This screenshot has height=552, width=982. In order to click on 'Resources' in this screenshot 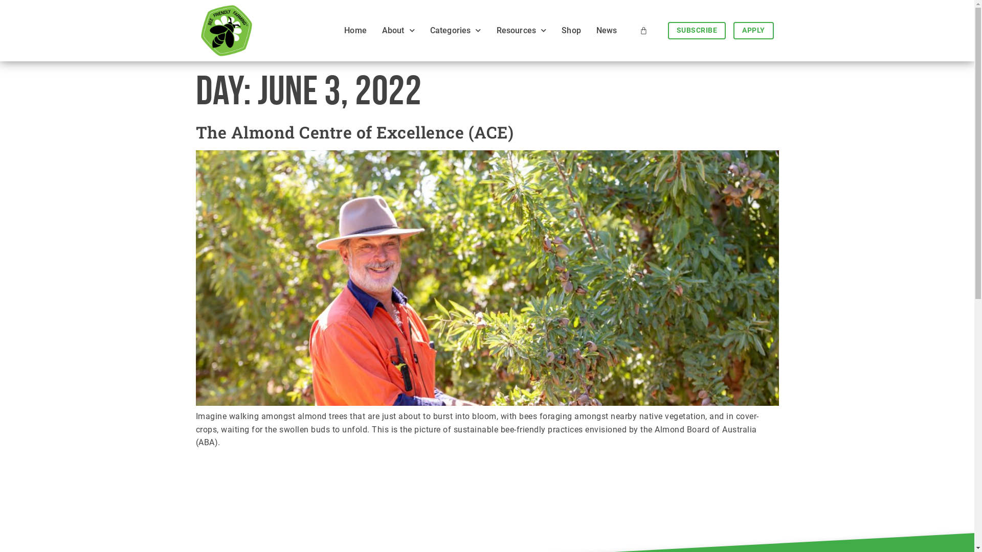, I will do `click(521, 30)`.